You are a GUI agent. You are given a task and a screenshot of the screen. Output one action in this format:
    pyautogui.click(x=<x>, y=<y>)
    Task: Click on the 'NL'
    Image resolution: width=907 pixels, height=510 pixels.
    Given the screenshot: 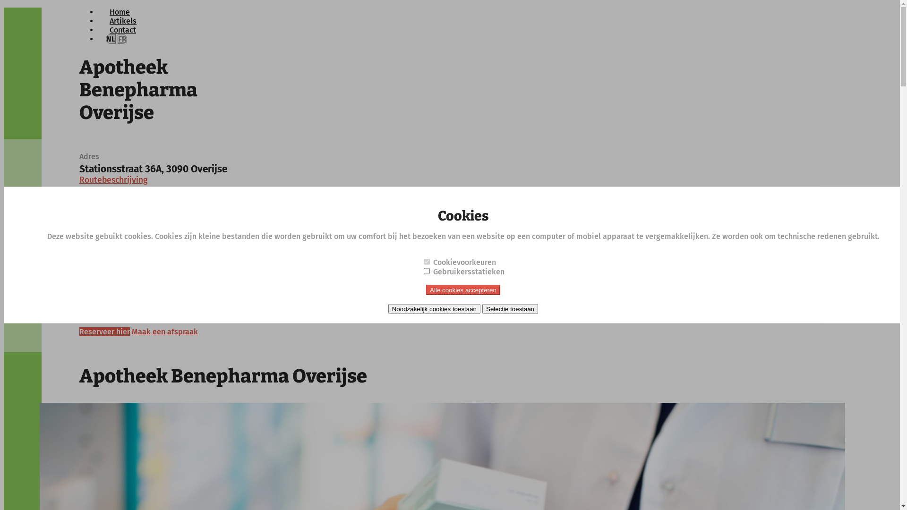 What is the action you would take?
    pyautogui.click(x=111, y=38)
    